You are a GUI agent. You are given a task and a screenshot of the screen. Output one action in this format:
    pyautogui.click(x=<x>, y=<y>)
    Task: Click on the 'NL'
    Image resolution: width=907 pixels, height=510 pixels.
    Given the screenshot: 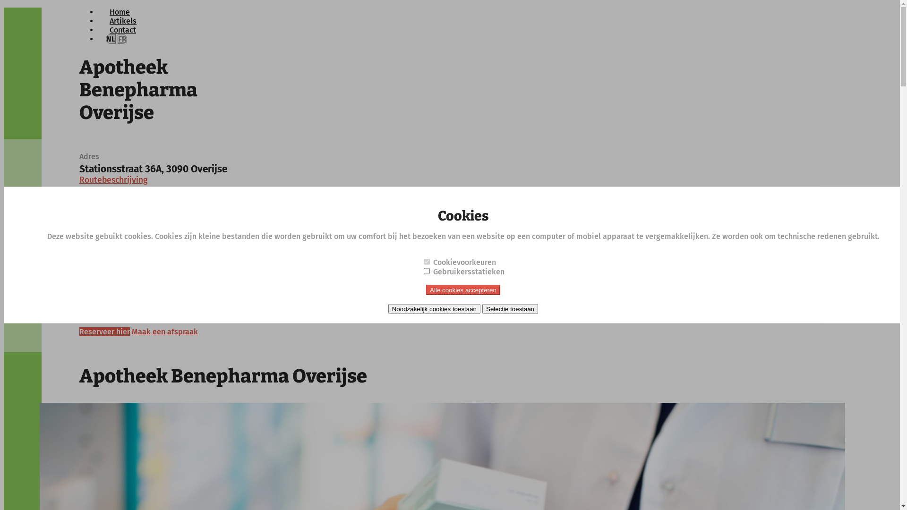 What is the action you would take?
    pyautogui.click(x=111, y=38)
    